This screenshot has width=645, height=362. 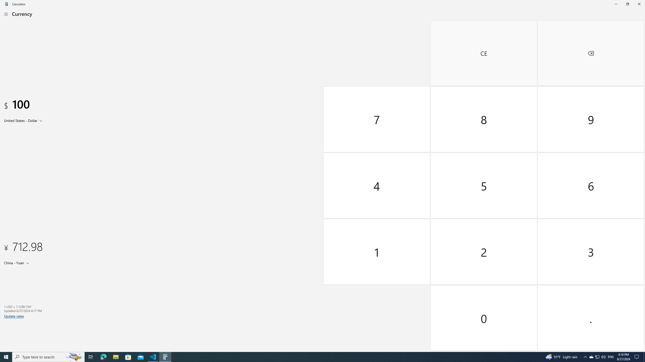 What do you see at coordinates (377, 252) in the screenshot?
I see `'One'` at bounding box center [377, 252].